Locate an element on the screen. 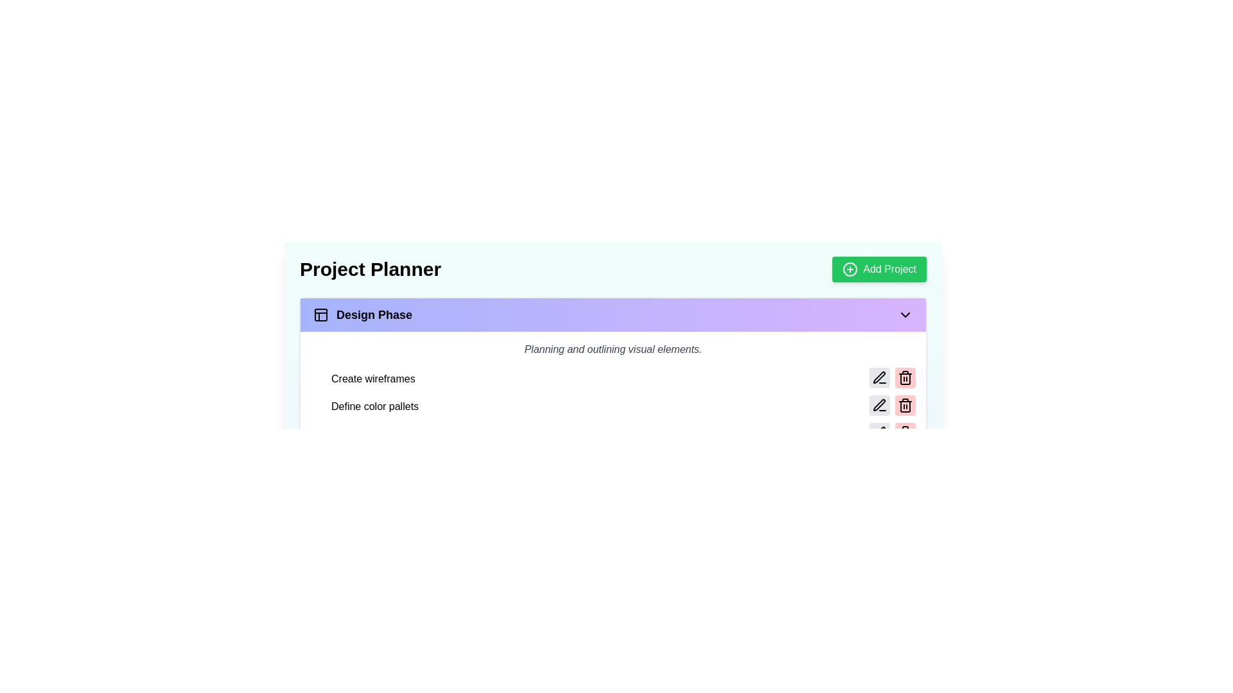 The height and width of the screenshot is (693, 1233). the trashcan button in the action button group is located at coordinates (892, 433).